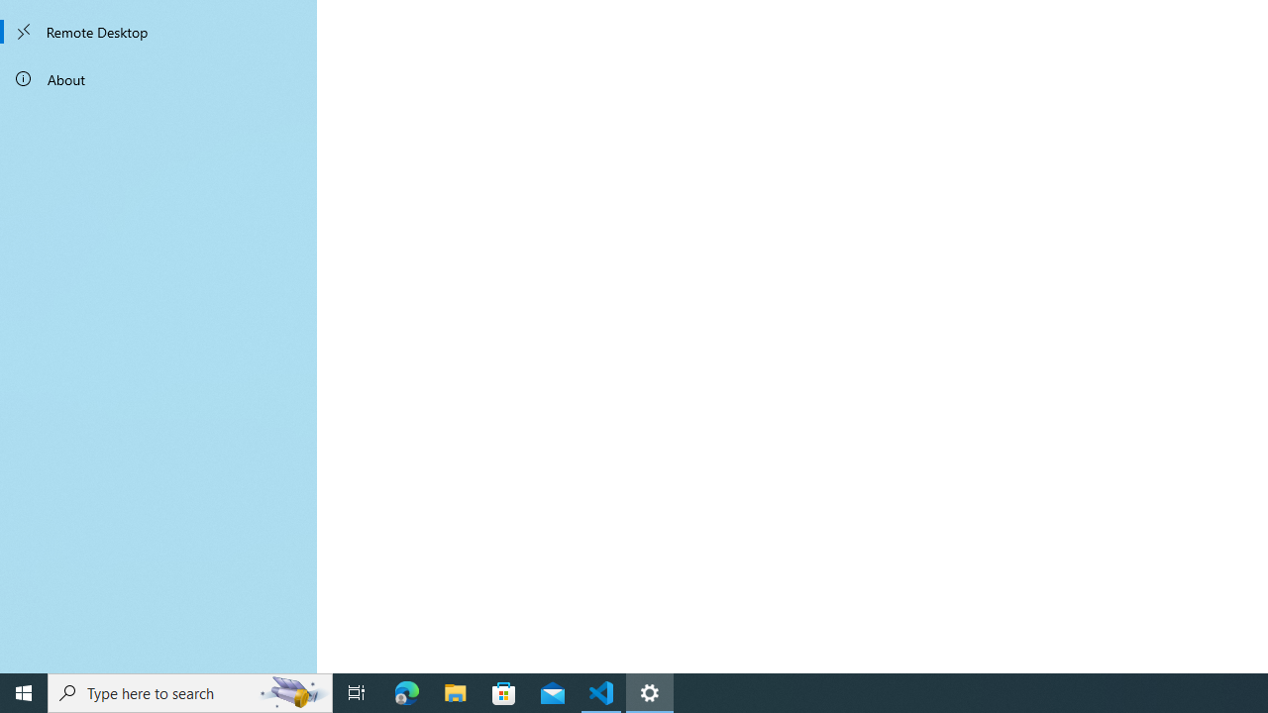  What do you see at coordinates (291, 691) in the screenshot?
I see `'Search highlights icon opens search home window'` at bounding box center [291, 691].